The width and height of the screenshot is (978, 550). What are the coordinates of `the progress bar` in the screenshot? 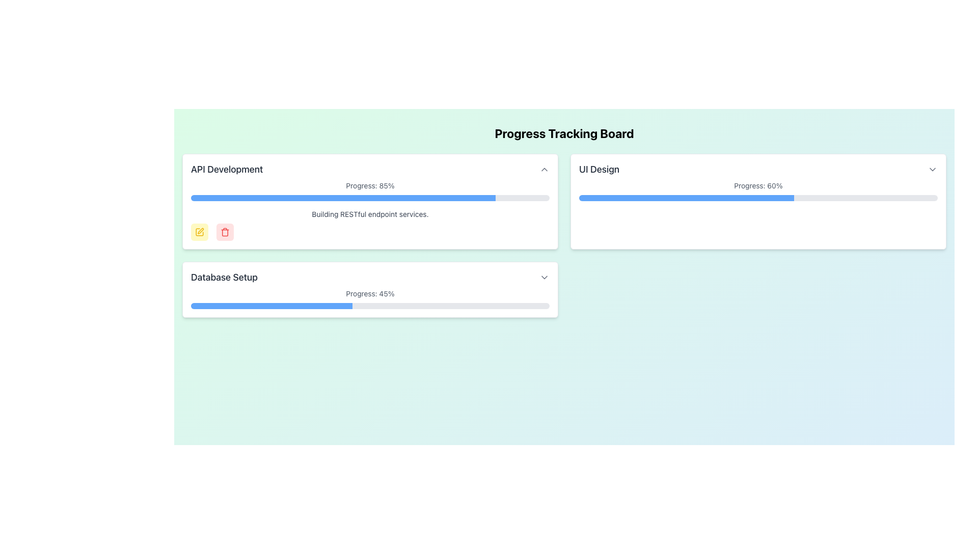 It's located at (305, 306).